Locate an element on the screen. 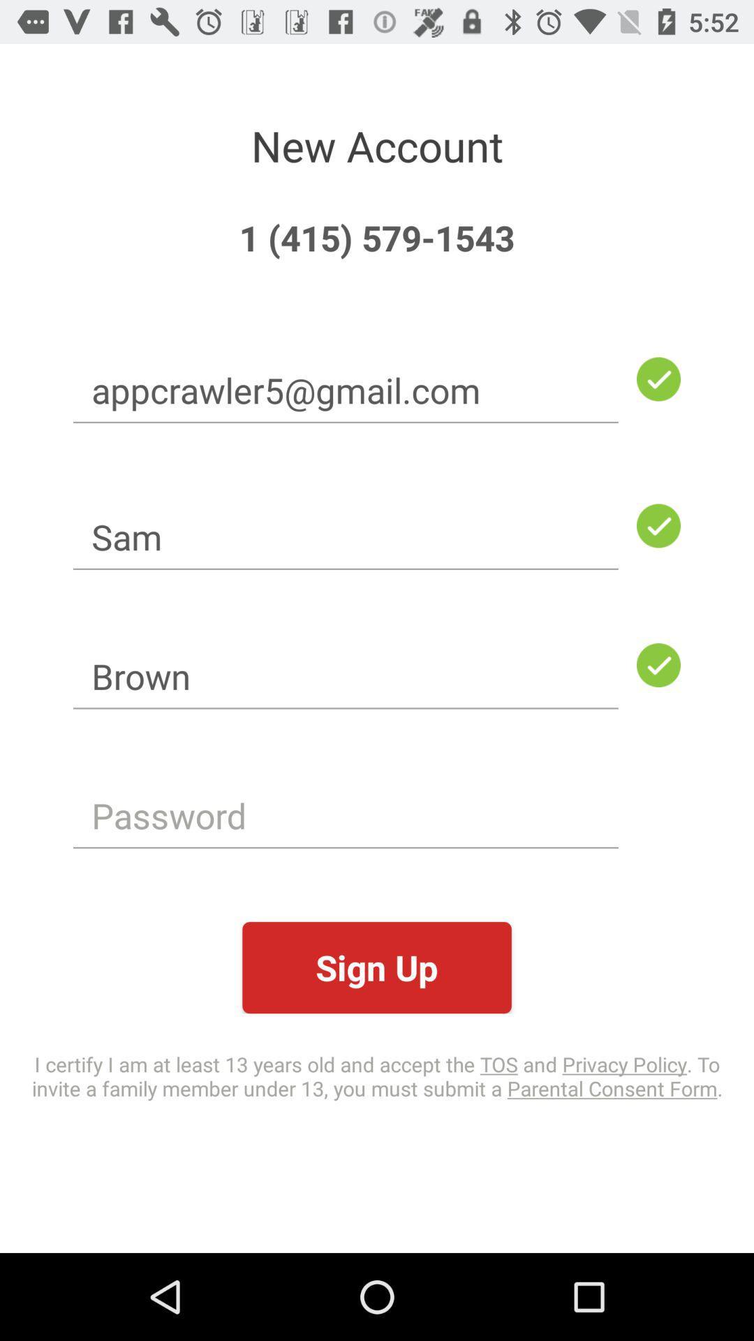  the item above brown item is located at coordinates (346, 536).